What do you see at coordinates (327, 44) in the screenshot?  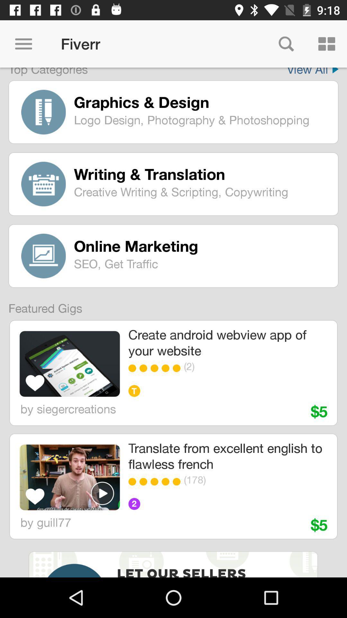 I see `the button which is after search button on page` at bounding box center [327, 44].